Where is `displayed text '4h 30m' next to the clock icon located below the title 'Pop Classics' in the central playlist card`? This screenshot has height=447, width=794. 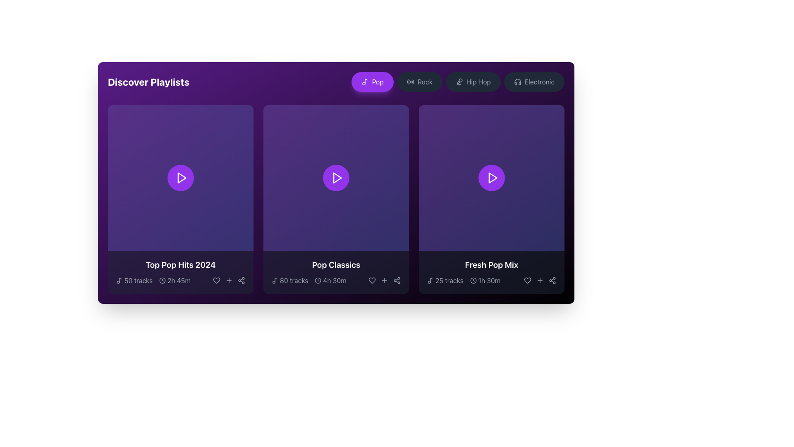 displayed text '4h 30m' next to the clock icon located below the title 'Pop Classics' in the central playlist card is located at coordinates (330, 280).